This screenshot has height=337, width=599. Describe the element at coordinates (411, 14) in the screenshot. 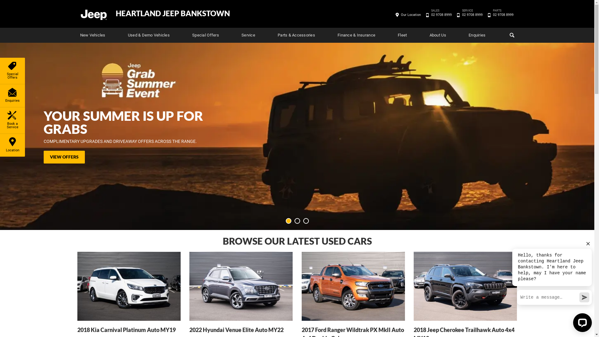

I see `'Our Location'` at that location.